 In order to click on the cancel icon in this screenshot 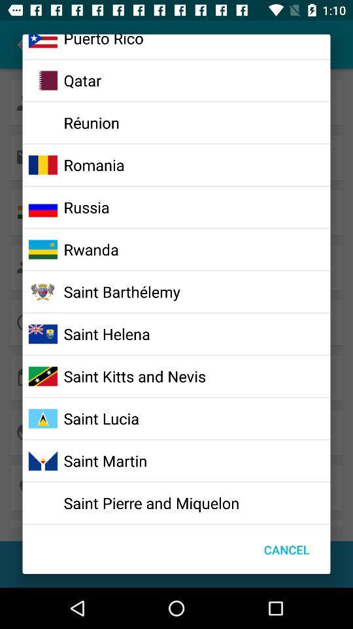, I will do `click(286, 550)`.